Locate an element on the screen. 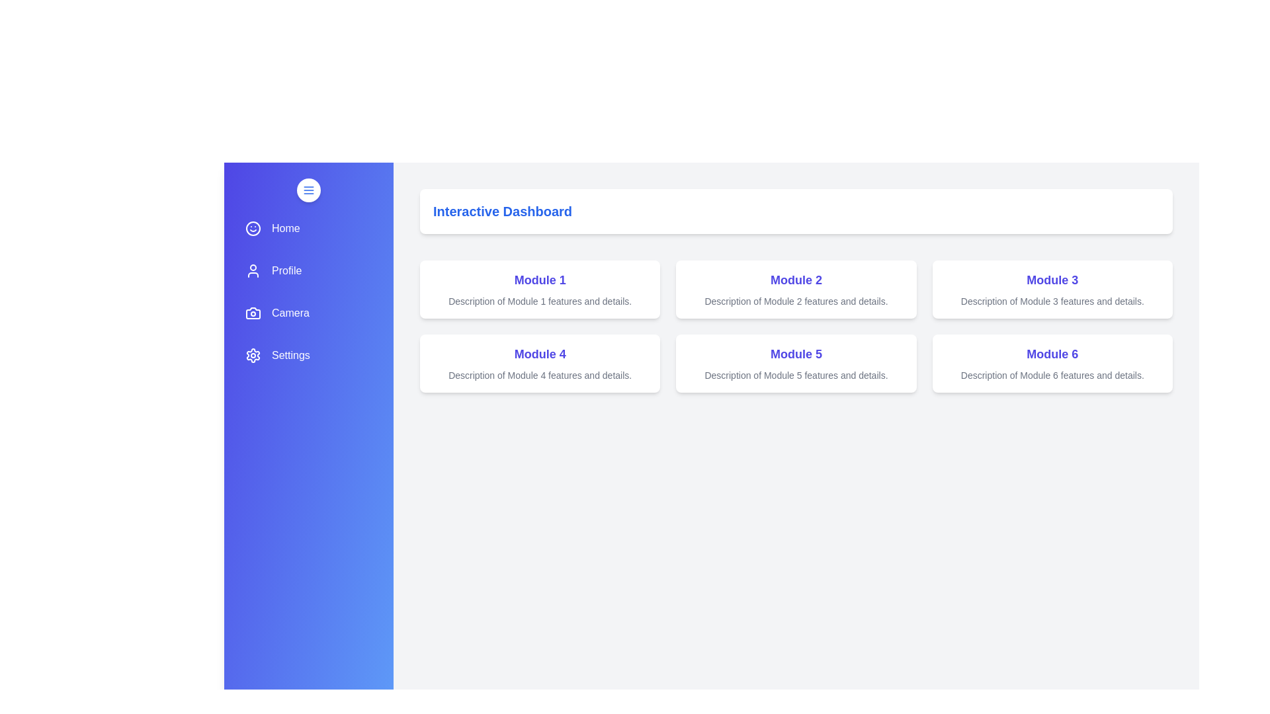 The image size is (1270, 714). the Informative card titled 'Module 5', which has a white background, bold indigo title, and is positioned in the second row, second column of the grid is located at coordinates (796, 364).